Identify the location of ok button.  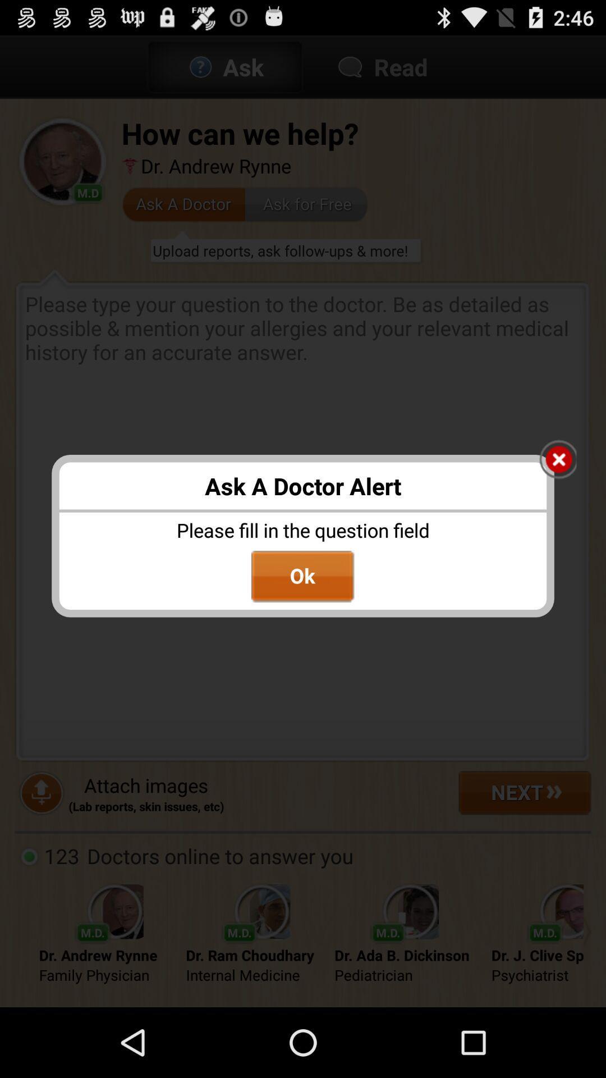
(302, 577).